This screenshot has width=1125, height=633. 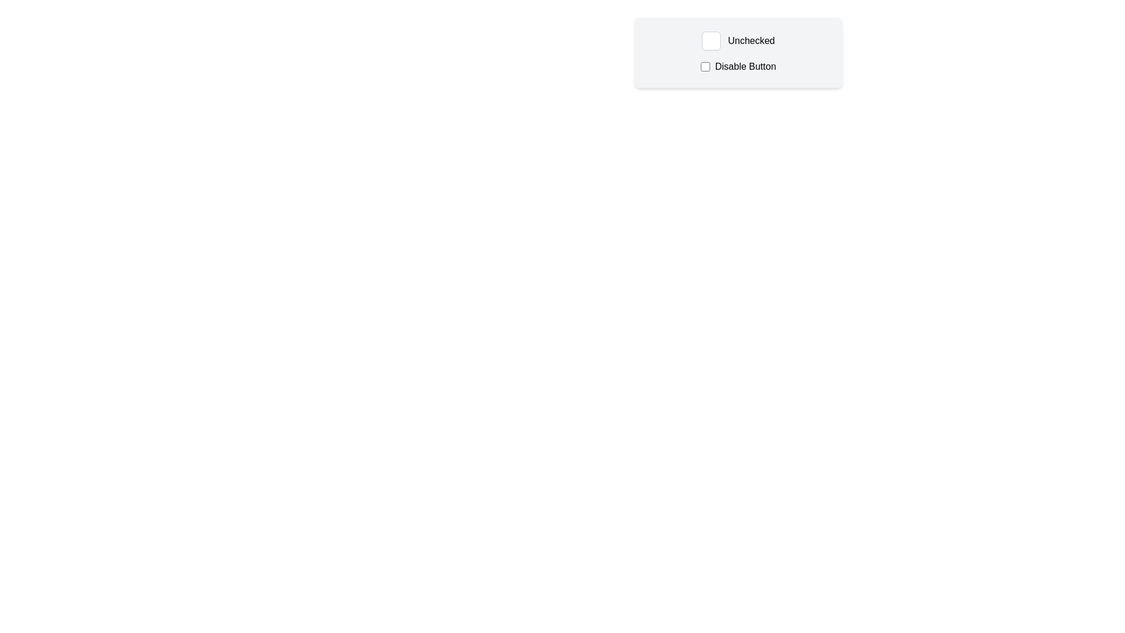 What do you see at coordinates (705, 67) in the screenshot?
I see `the small square checkbox with a white background and gray border, located to the left of the text label 'Disable Button', positioned near the top-right section of the interface` at bounding box center [705, 67].